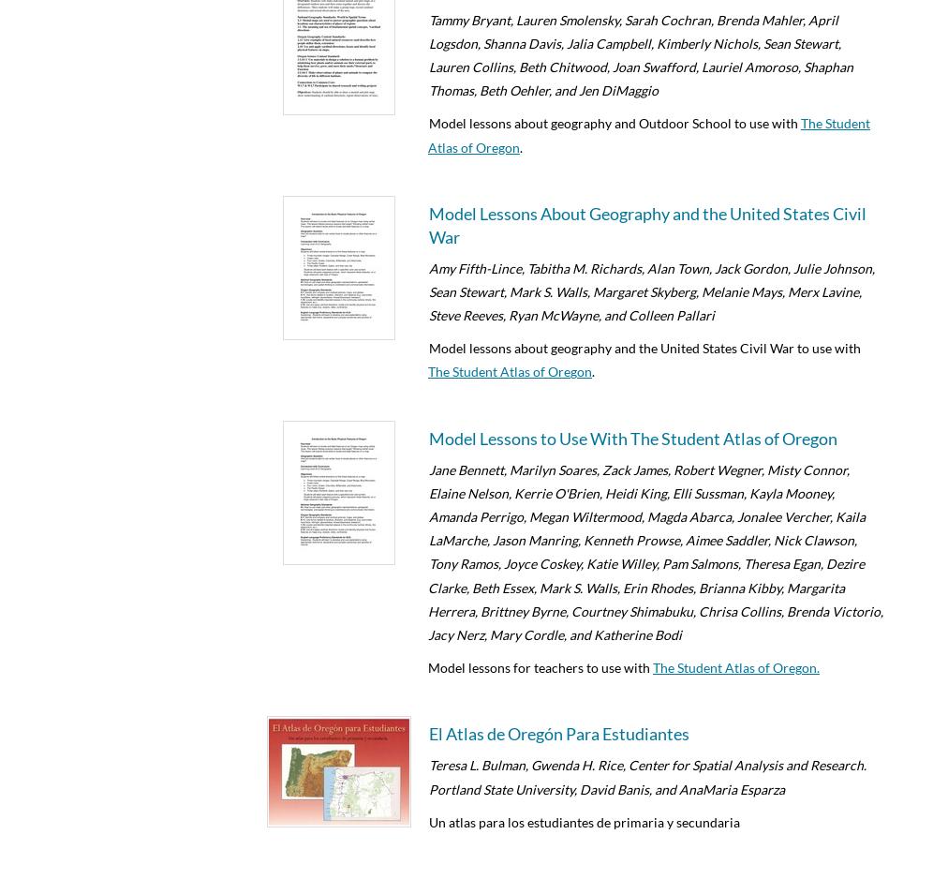 The width and height of the screenshot is (933, 894). Describe the element at coordinates (655, 550) in the screenshot. I see `'Jane Bennett, Marilyn Soares, Zack James, Robert Wegner, Misty Connor, Elaine Nelson, Kerrie O'Brien, Heidi King, Elli Sussman, Kayla Mooney, Amanda Perrigo, Megan Wiltermood, Magda Abarca, Jonalee Vercher, Kaila LaMarche, Jason Manring, Kenneth Prowse, Aimee Saddler, Nick Clawson, Tony Ramos, Joyce Coskey, Katie Willey, Pam Salmons, Theresa Egan, Dezire Clarke, Beth Essex, Mark S. Walls, Erin Rhodes, Brianna Kibby, Margarita Herrera, Brittney Byrne, Courtney Shimabuku, Chrisa Collins, Brenda Victorio, Jacy Nerz, Mary Cordle, and Katherine Bodi'` at that location.